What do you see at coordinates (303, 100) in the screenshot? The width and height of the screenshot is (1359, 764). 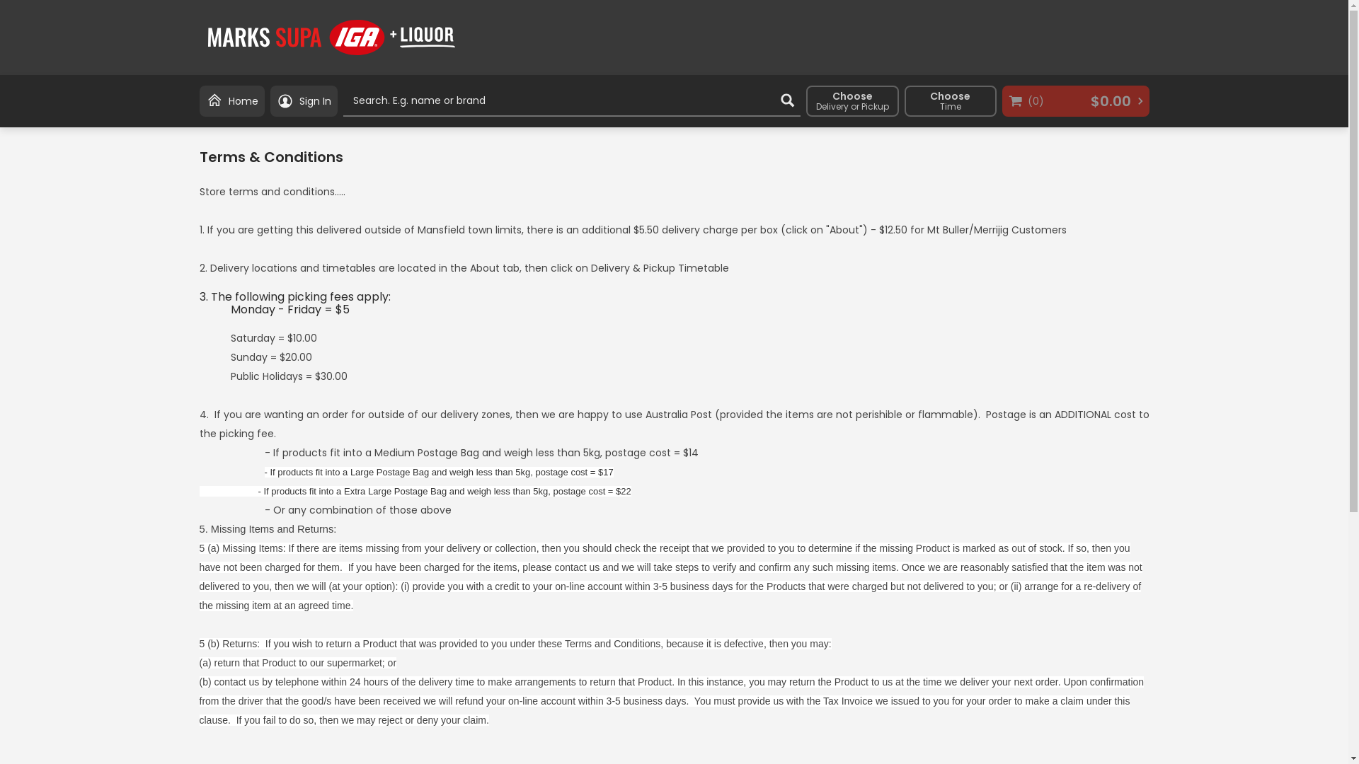 I see `'Sign In'` at bounding box center [303, 100].